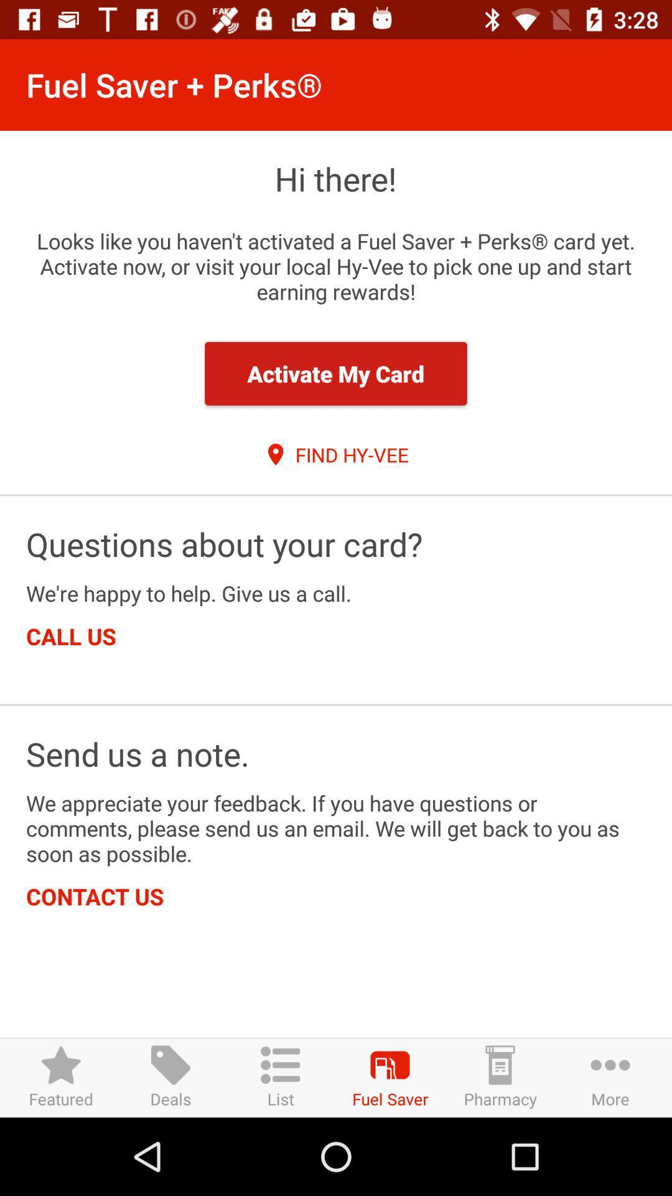 This screenshot has width=672, height=1196. What do you see at coordinates (94, 896) in the screenshot?
I see `item below we appreciate your` at bounding box center [94, 896].